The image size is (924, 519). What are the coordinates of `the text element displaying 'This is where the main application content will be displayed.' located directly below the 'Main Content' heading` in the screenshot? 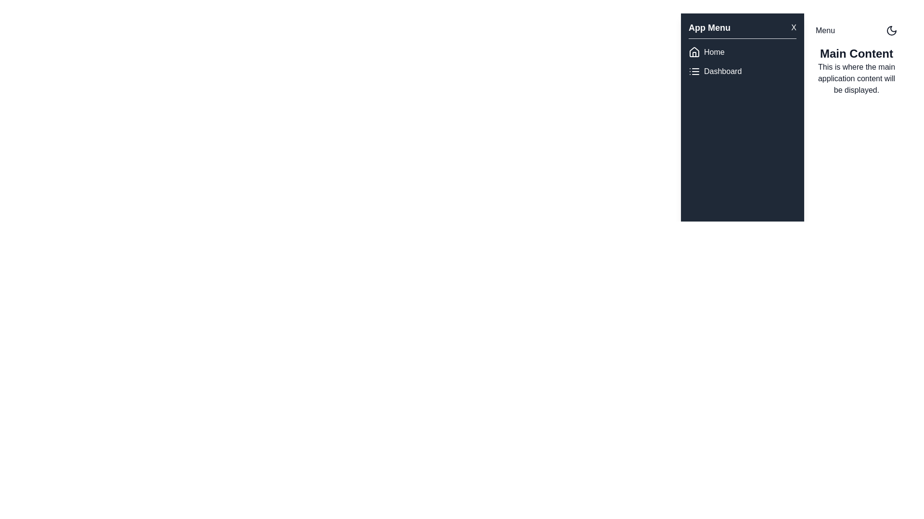 It's located at (857, 78).